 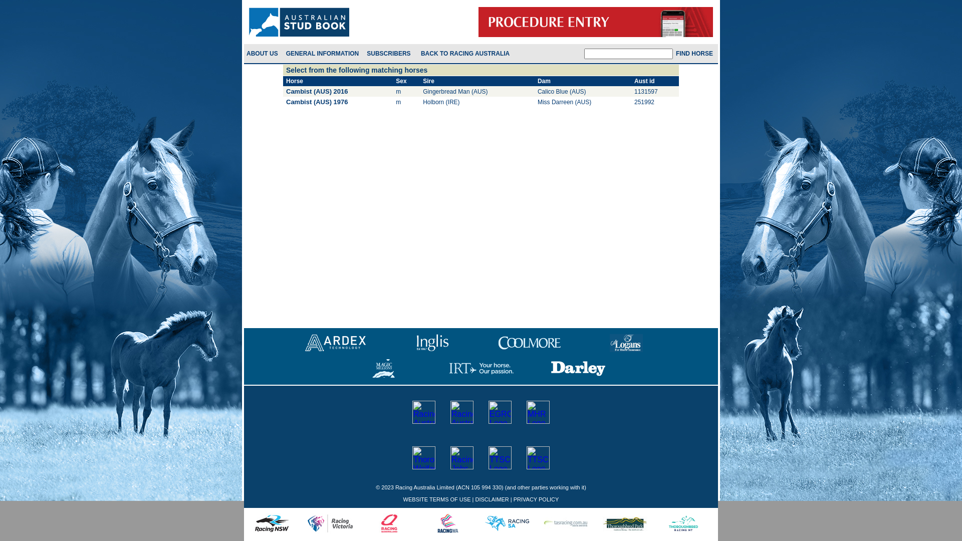 What do you see at coordinates (383, 368) in the screenshot?
I see `'Magic-Millions'` at bounding box center [383, 368].